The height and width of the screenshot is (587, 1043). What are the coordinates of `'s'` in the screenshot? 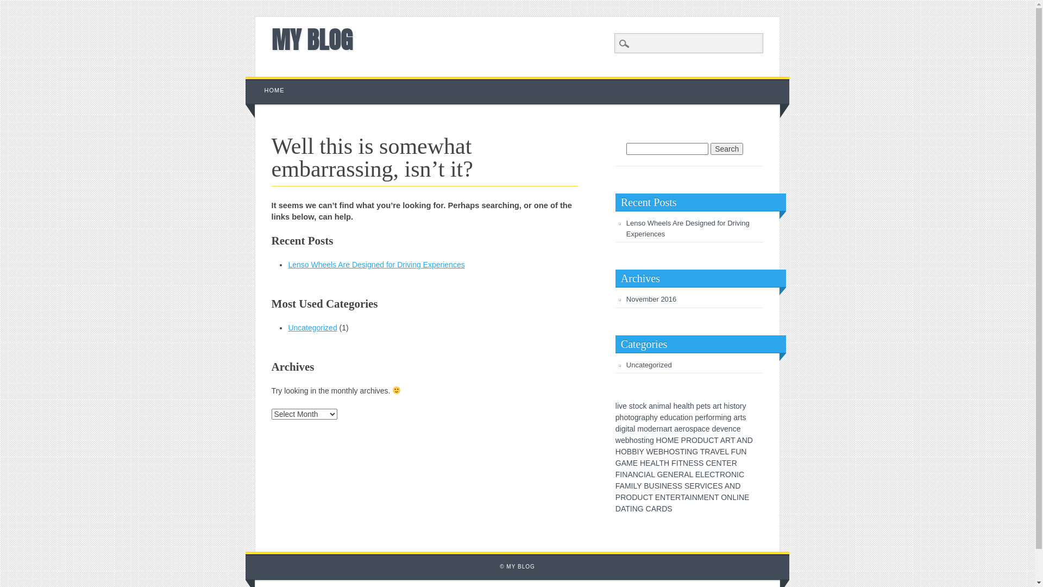 It's located at (744, 416).